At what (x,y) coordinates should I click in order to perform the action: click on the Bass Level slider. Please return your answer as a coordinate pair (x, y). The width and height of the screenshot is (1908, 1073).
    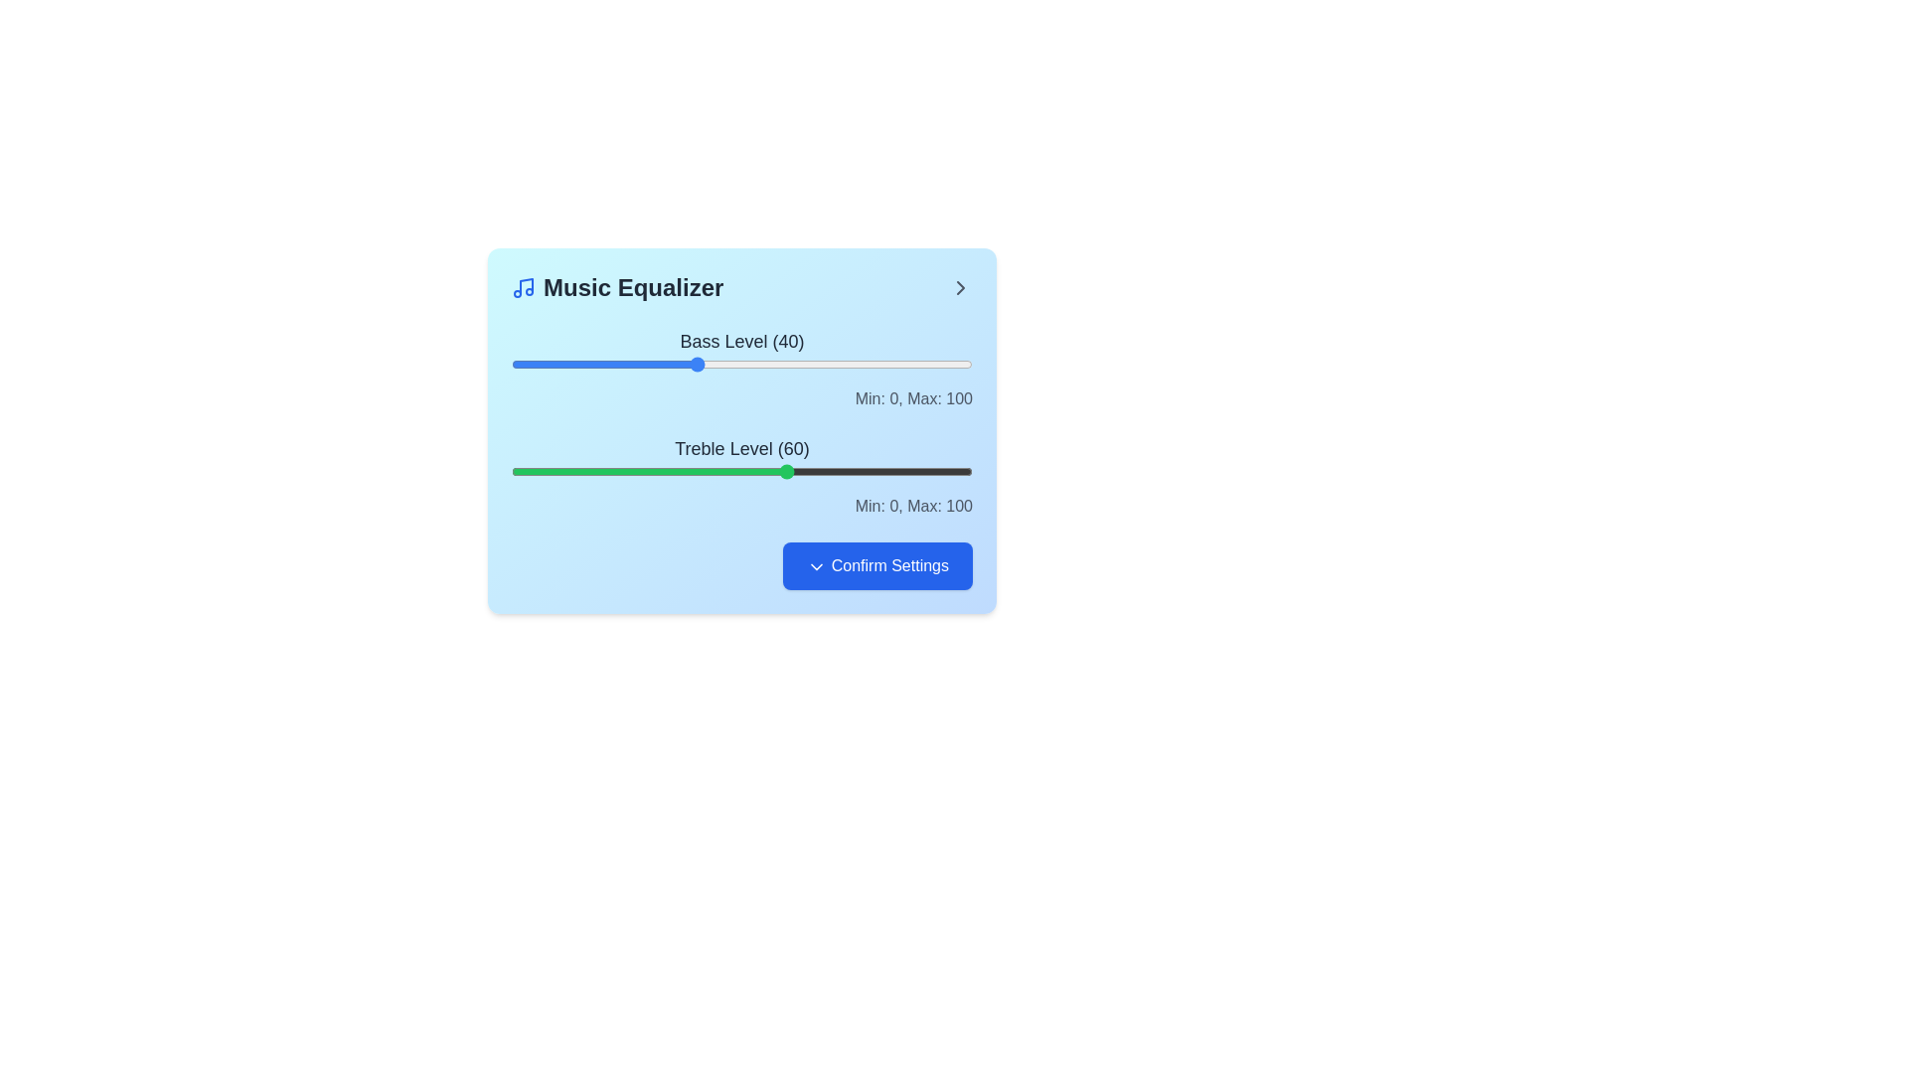
    Looking at the image, I should click on (705, 364).